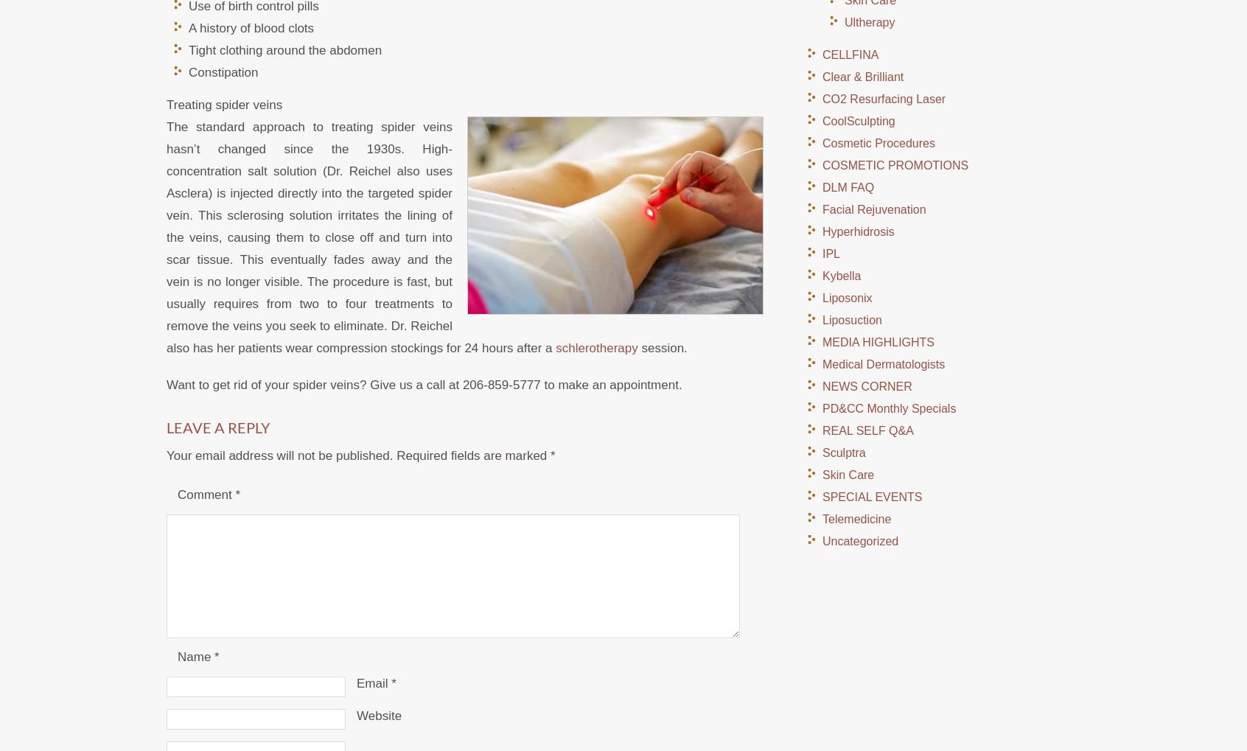 This screenshot has width=1247, height=751. I want to click on 'Cosmetic Procedures', so click(878, 142).